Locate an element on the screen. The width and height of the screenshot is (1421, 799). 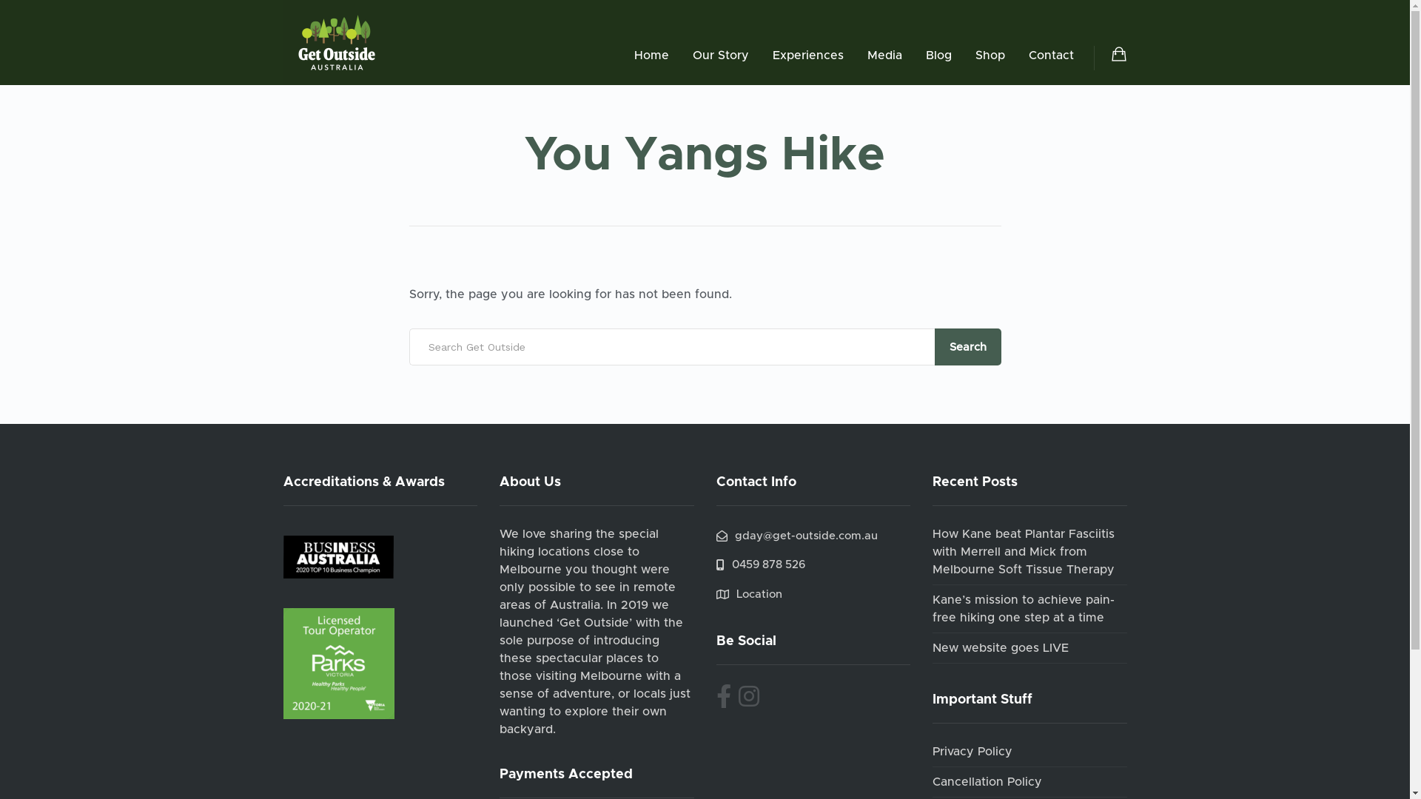
'Contact' is located at coordinates (1050, 54).